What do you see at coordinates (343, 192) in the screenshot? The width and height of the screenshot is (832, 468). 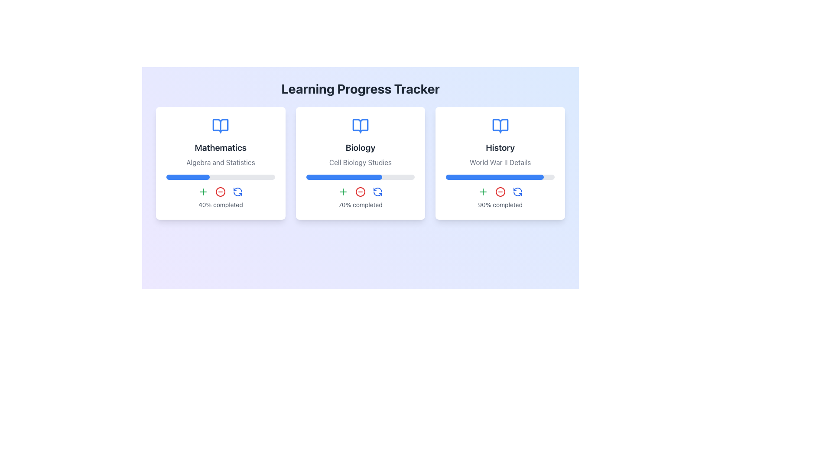 I see `the green plus icon button located below the progress bar in the 'Biology' section of the 'Learning Progress Tracker' interface` at bounding box center [343, 192].